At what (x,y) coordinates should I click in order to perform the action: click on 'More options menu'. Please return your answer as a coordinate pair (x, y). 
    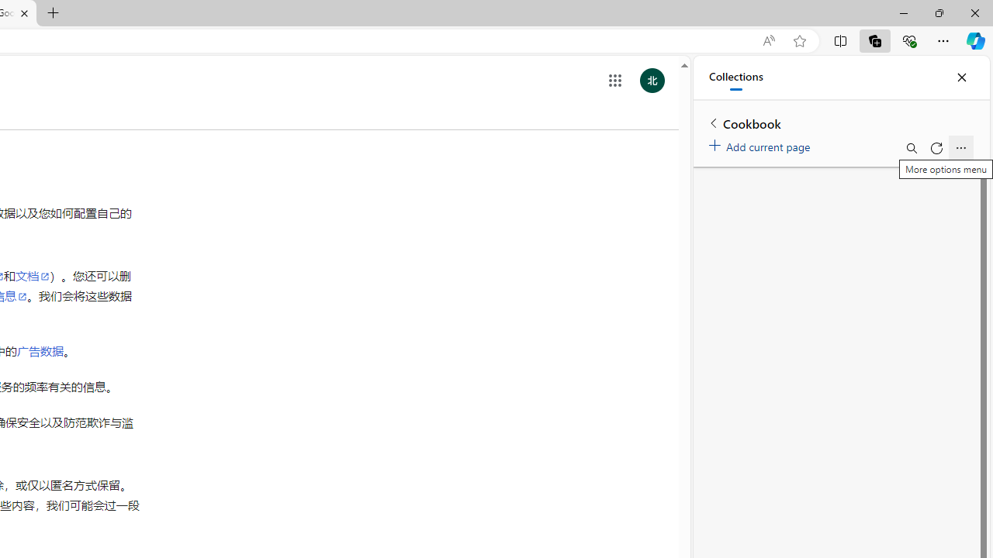
    Looking at the image, I should click on (960, 148).